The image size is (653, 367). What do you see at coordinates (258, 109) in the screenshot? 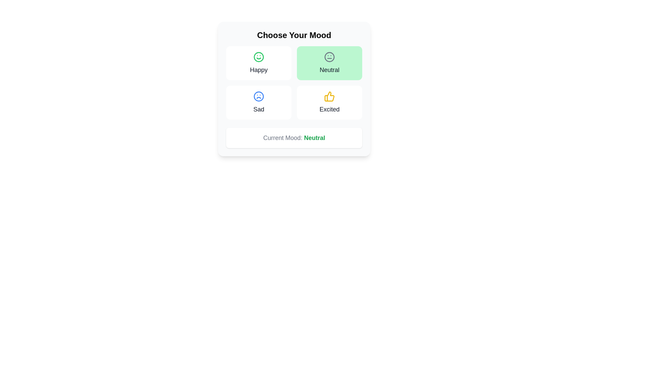
I see `text label representing the 'Sad' mood option, located in the bottom-left card of the 2x2 grid, directly underneath the blue sad face icon` at bounding box center [258, 109].